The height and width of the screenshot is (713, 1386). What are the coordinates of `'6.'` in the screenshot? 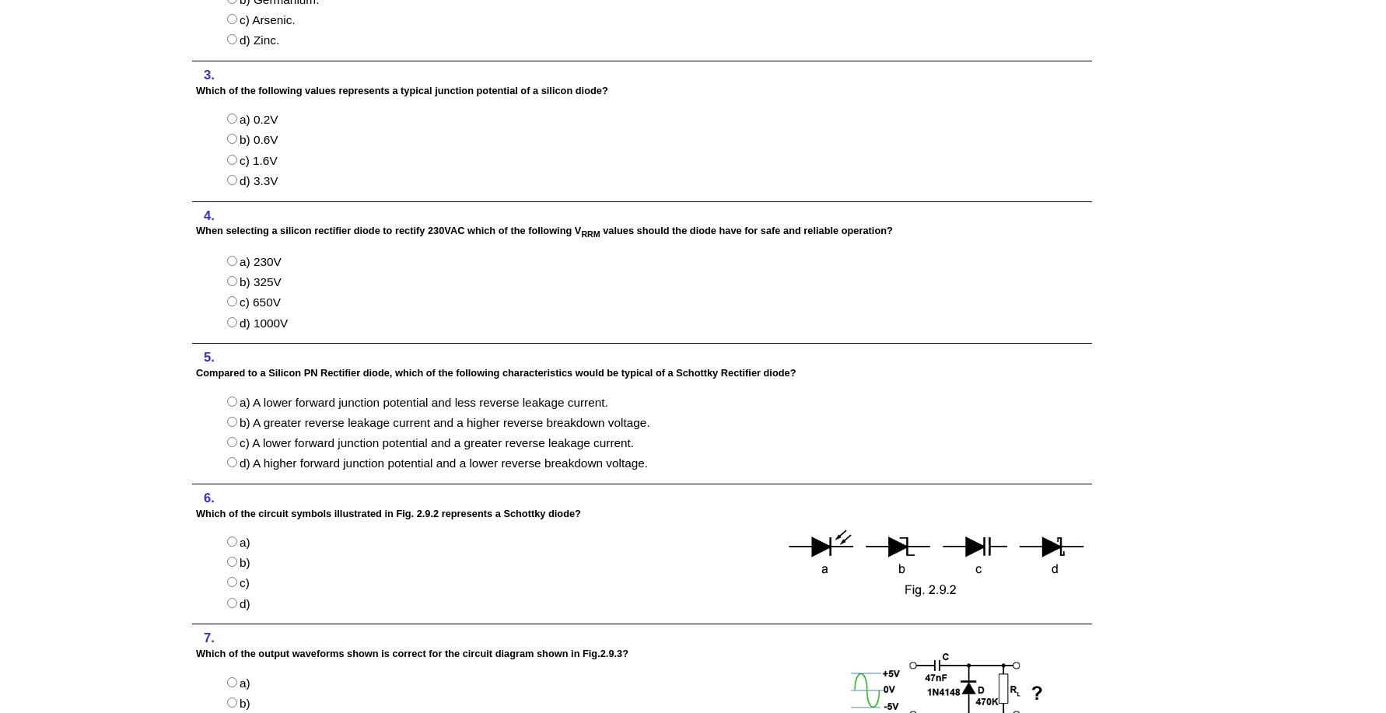 It's located at (208, 496).